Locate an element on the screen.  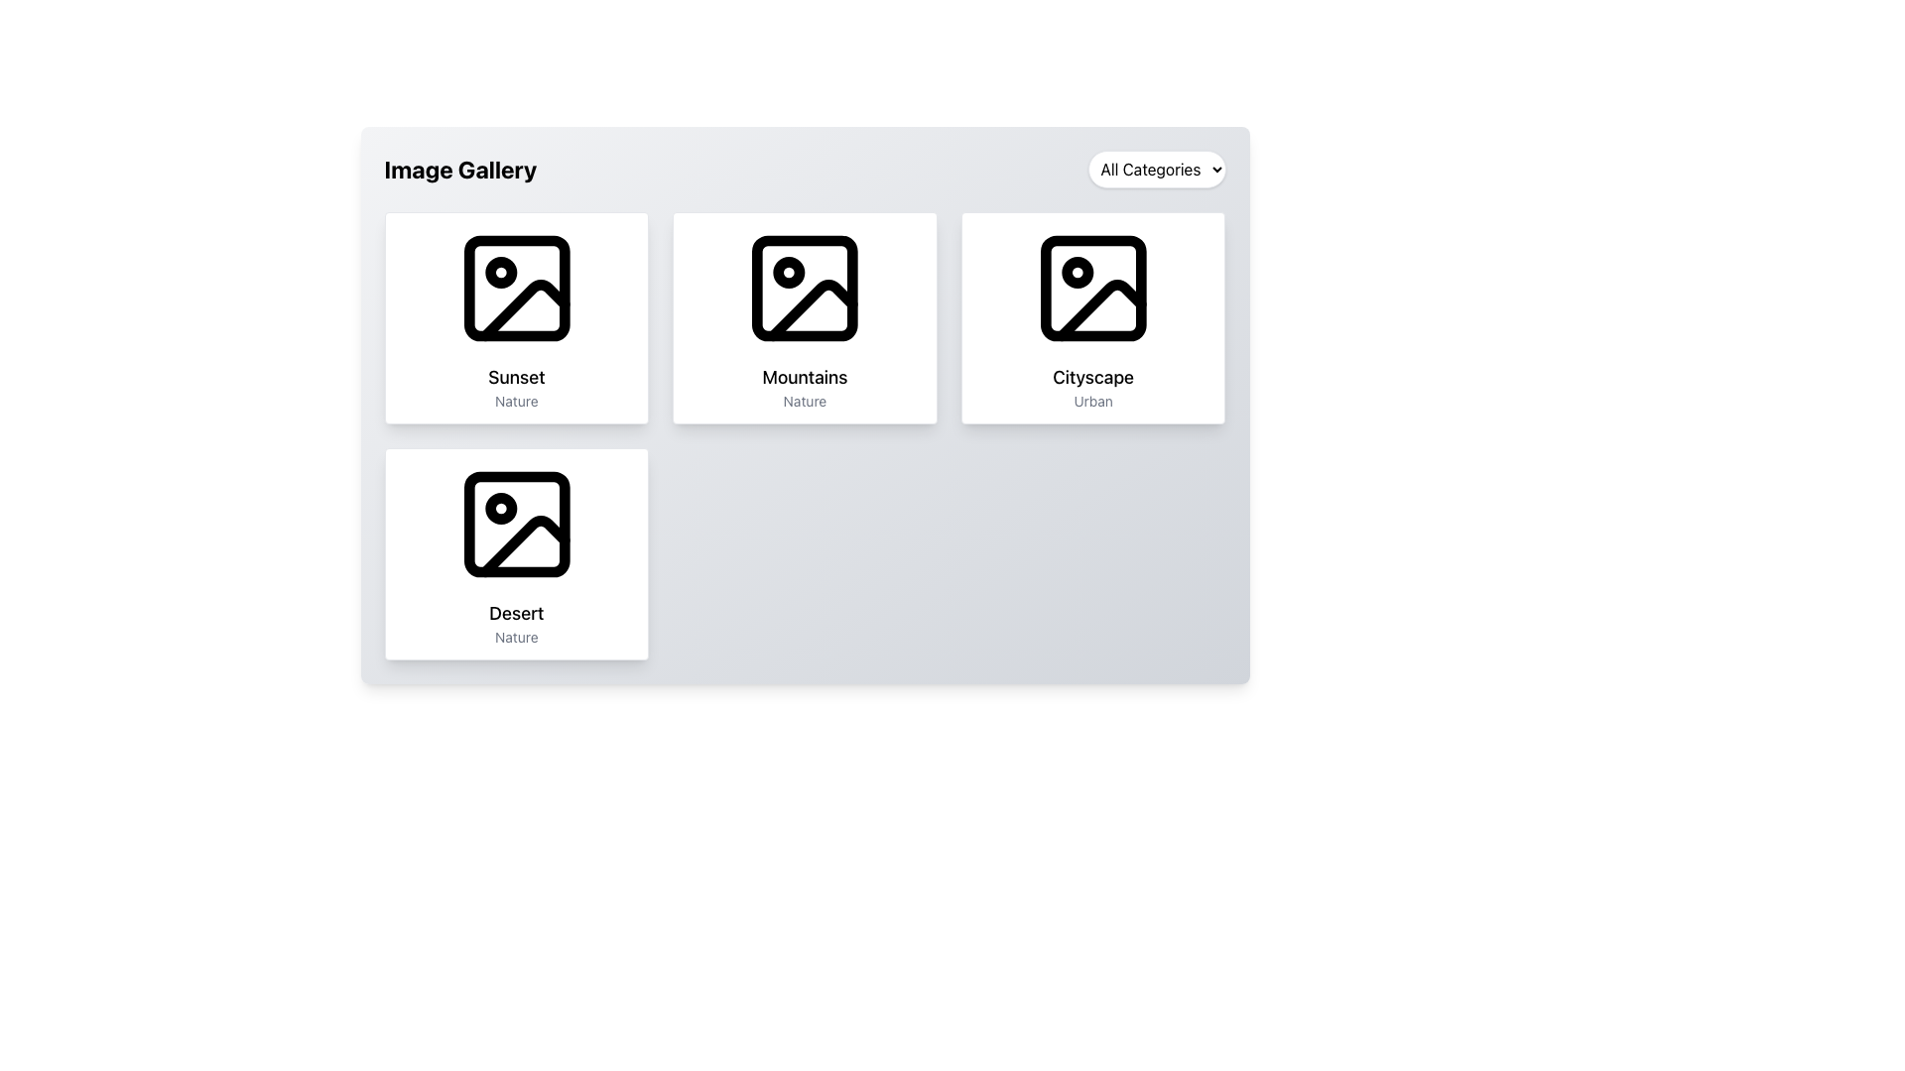
the small rectangle with rounded corners located in the top-left quadrant of the photo-like icon in the bottom-left slot under the 'Desert' label is located at coordinates (516, 523).